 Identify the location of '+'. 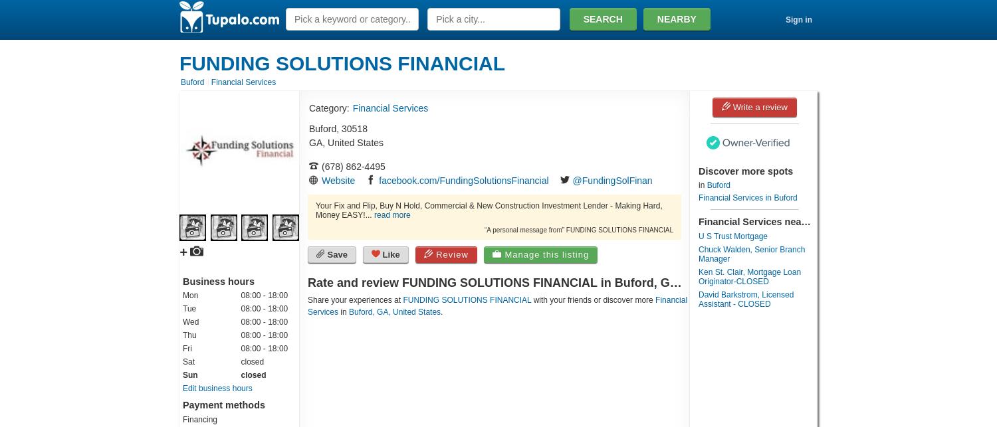
(179, 252).